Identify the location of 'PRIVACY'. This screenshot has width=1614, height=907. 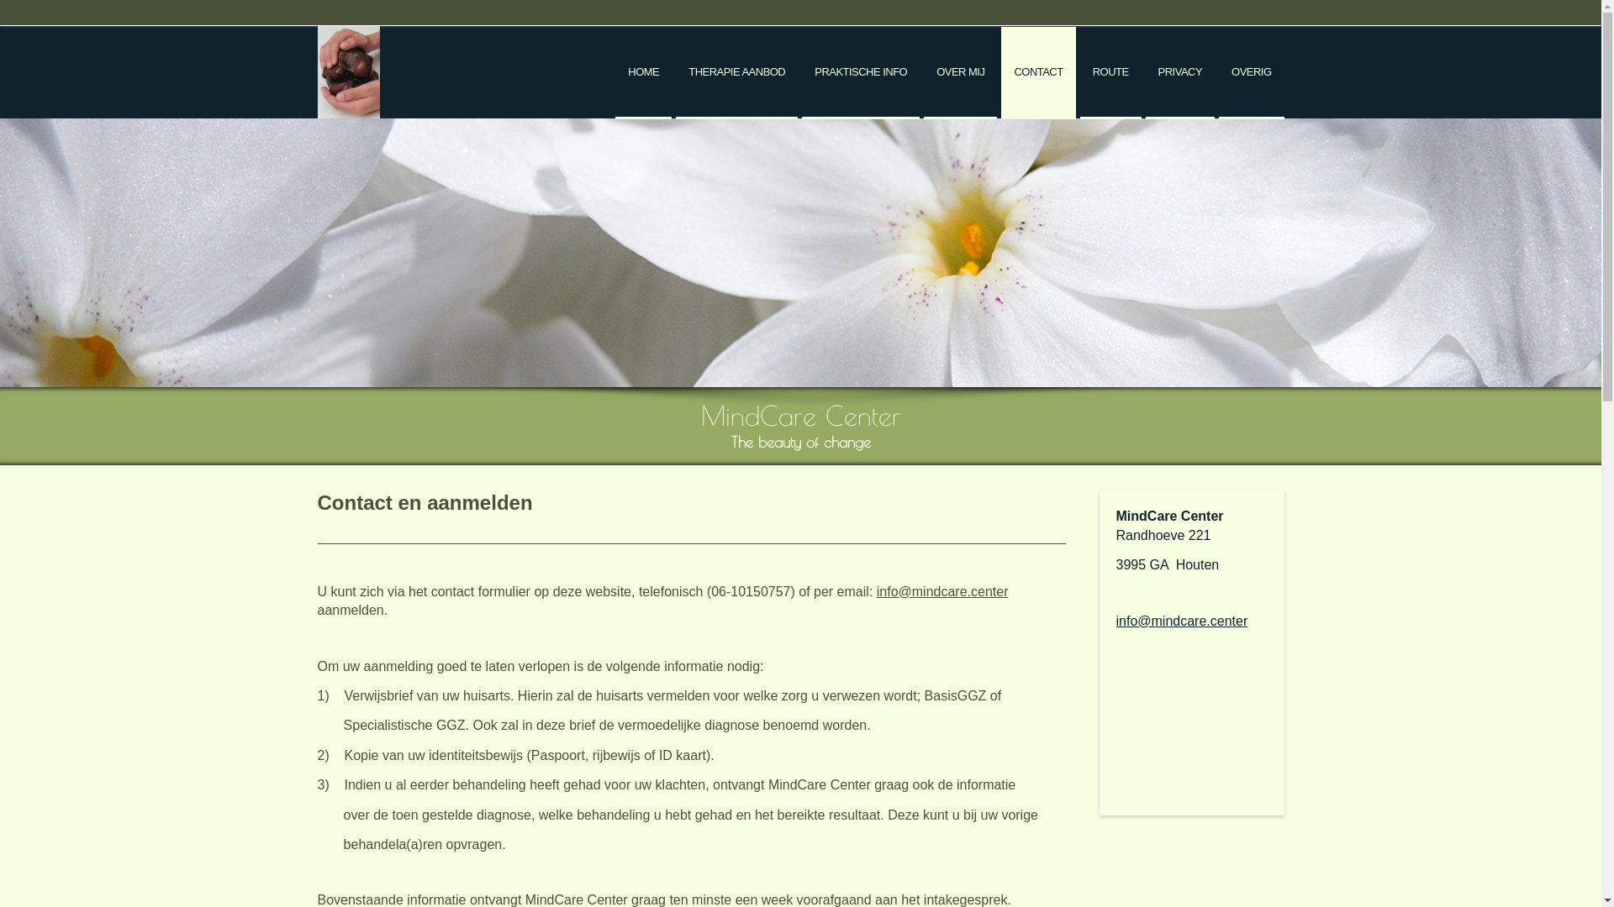
(1179, 72).